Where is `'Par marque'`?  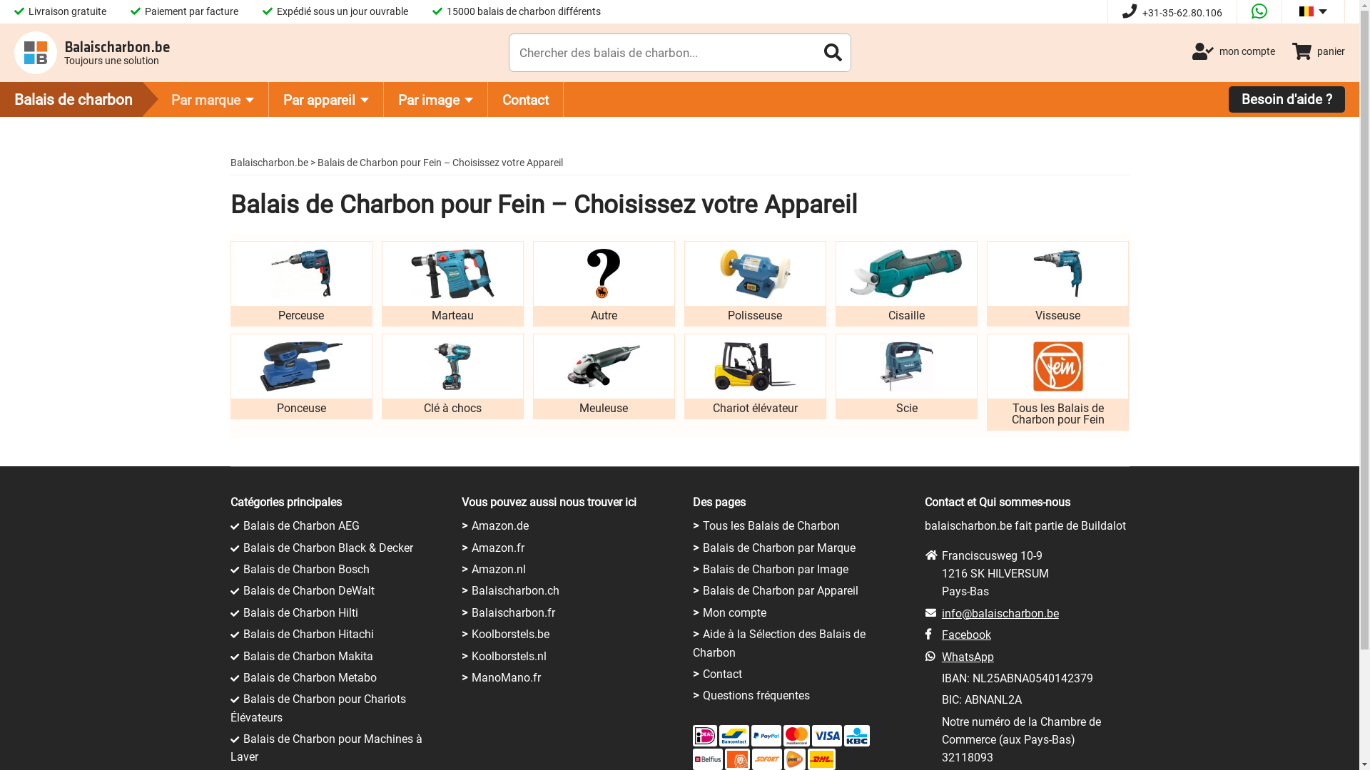
'Par marque' is located at coordinates (212, 98).